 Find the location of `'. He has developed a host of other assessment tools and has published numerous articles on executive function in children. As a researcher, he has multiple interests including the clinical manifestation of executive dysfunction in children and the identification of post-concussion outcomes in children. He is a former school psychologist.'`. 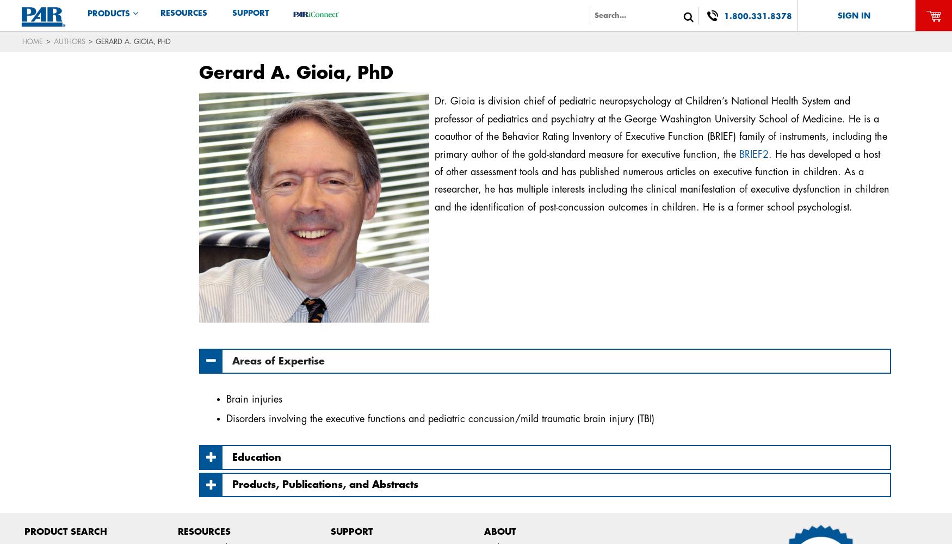

'. He has developed a host of other assessment tools and has published numerous articles on executive function in children. As a researcher, he has multiple interests including the clinical manifestation of executive dysfunction in children and the identification of post-concussion outcomes in children. He is a former school psychologist.' is located at coordinates (662, 180).